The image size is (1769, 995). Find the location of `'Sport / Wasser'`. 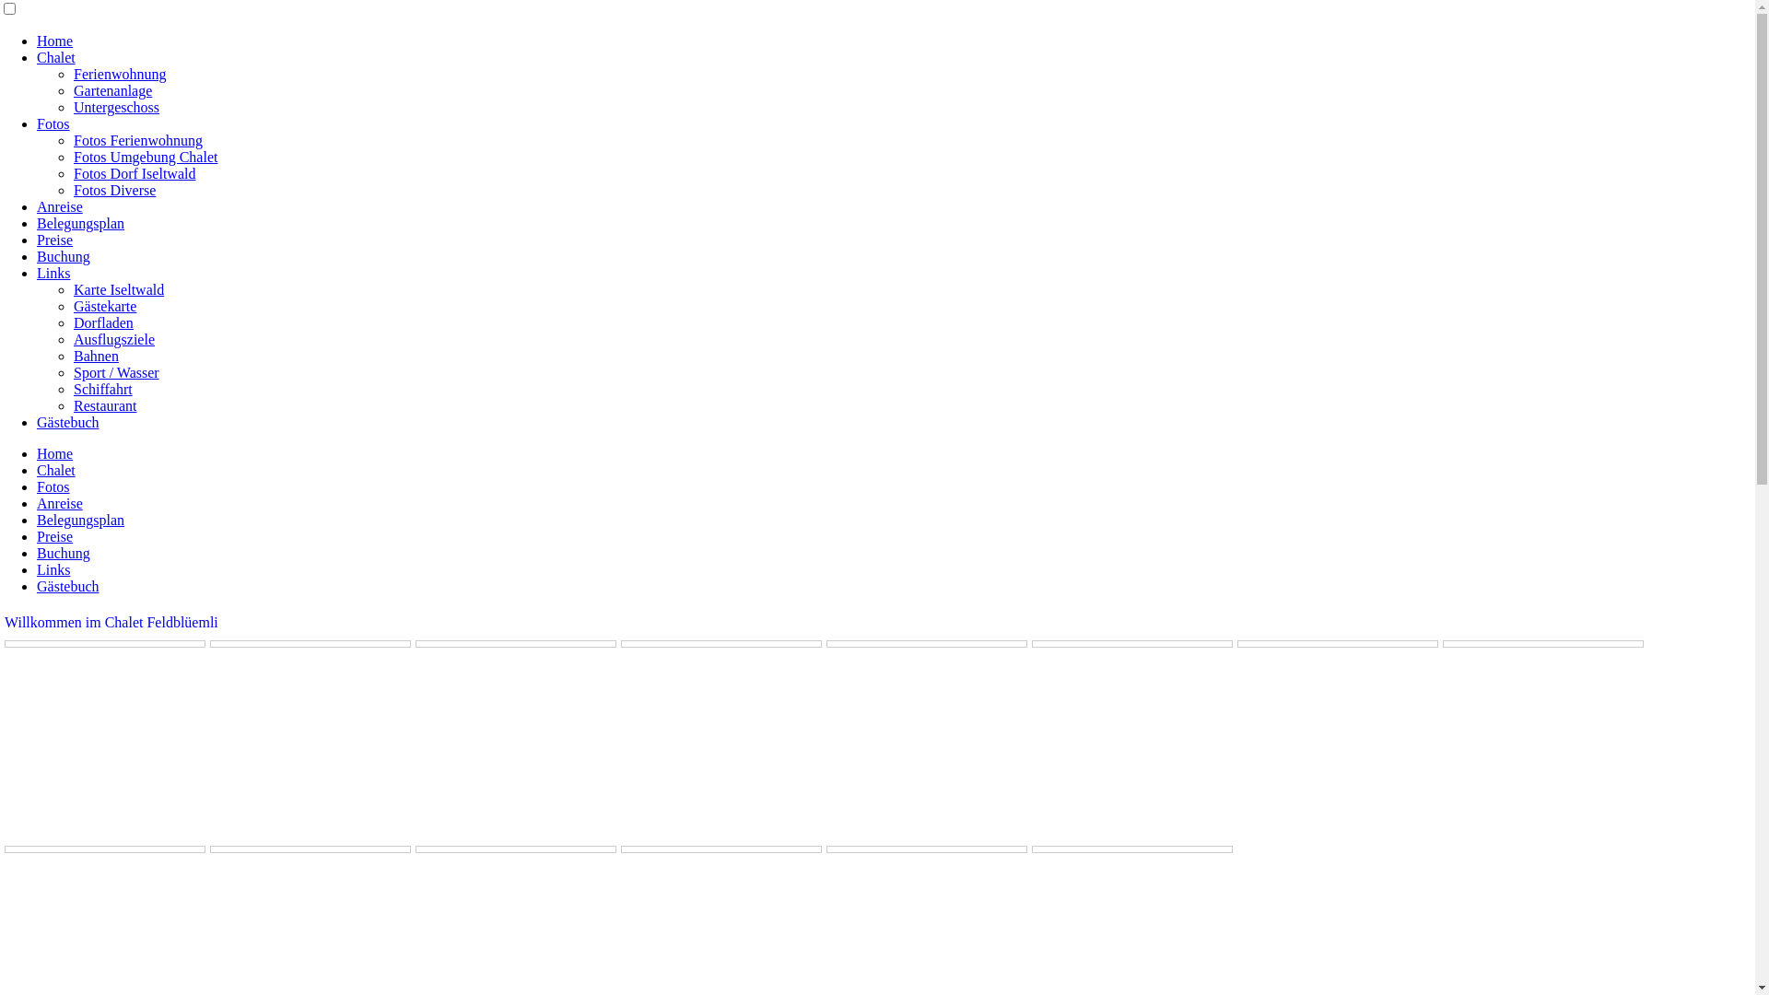

'Sport / Wasser' is located at coordinates (115, 372).